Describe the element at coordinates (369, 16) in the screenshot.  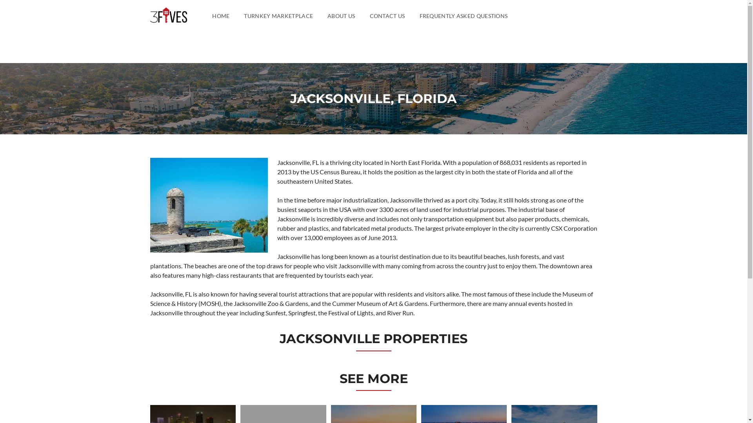
I see `'CONTACT US'` at that location.